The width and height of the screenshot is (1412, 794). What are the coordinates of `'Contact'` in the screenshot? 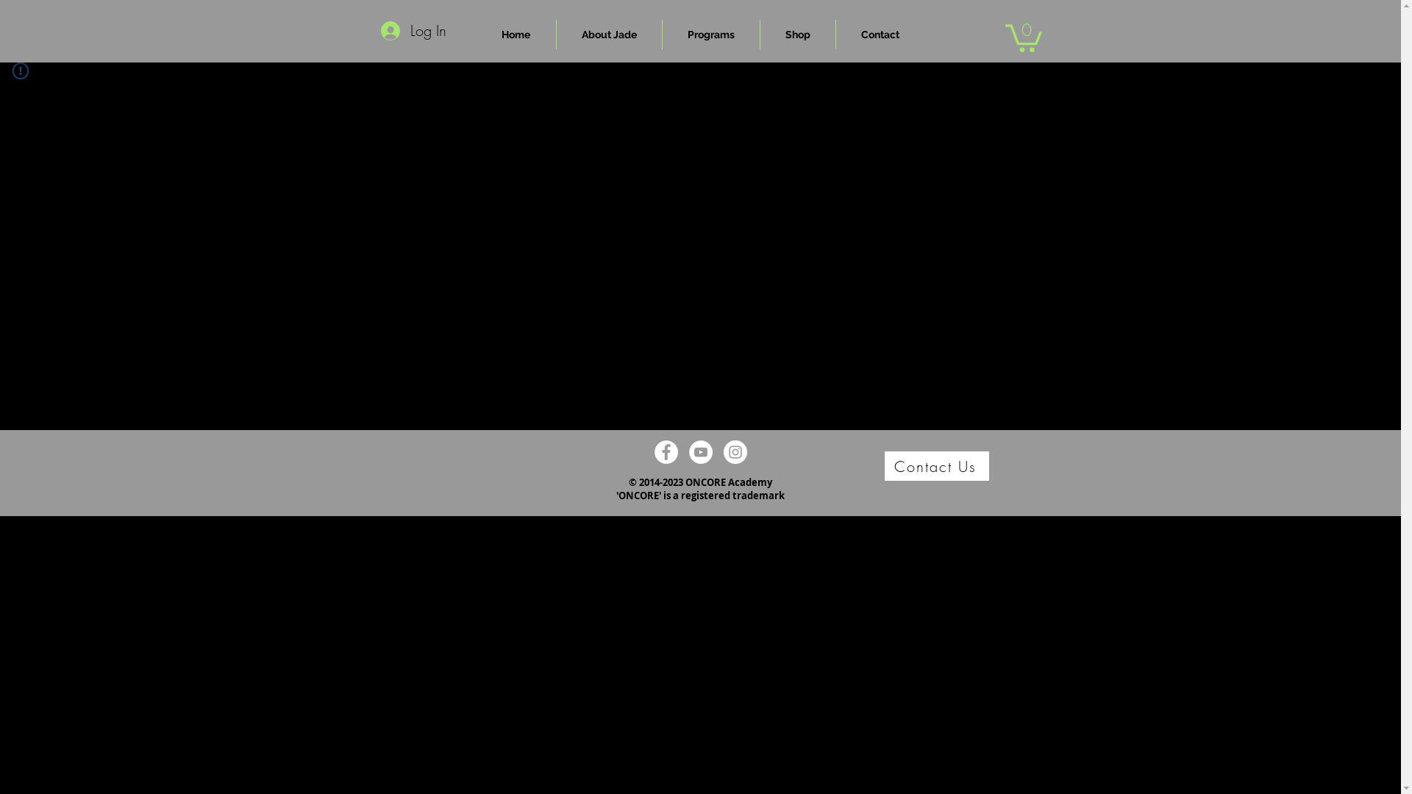 It's located at (879, 33).